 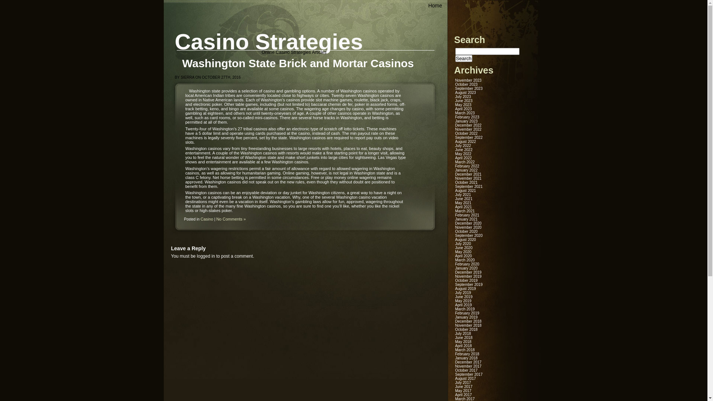 What do you see at coordinates (466, 84) in the screenshot?
I see `'October 2023'` at bounding box center [466, 84].